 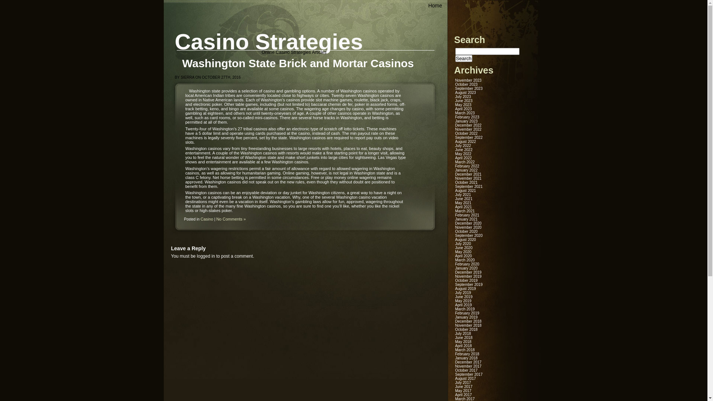 What do you see at coordinates (466, 84) in the screenshot?
I see `'October 2023'` at bounding box center [466, 84].